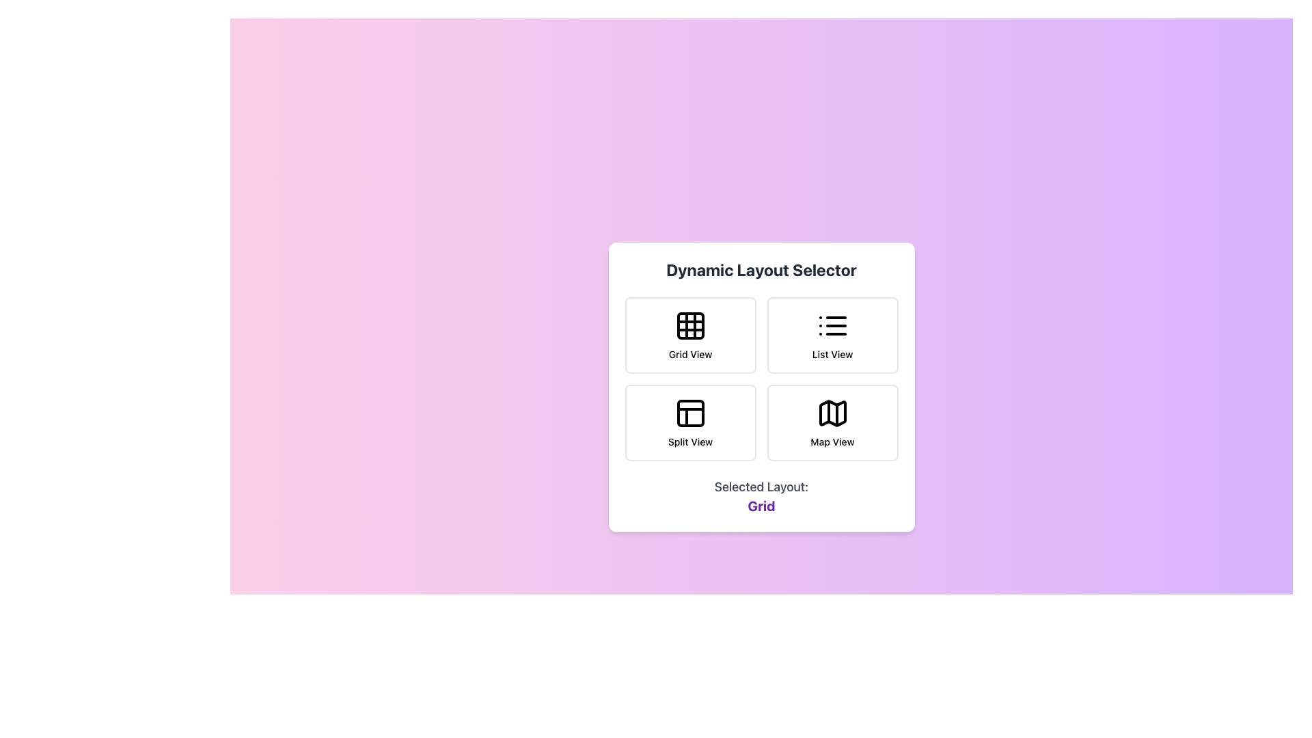  What do you see at coordinates (690, 442) in the screenshot?
I see `the 'Split View' text label, which is displayed in a small-sized, medium-weight font, located below the panel layout icon in the second row of the grid layout` at bounding box center [690, 442].